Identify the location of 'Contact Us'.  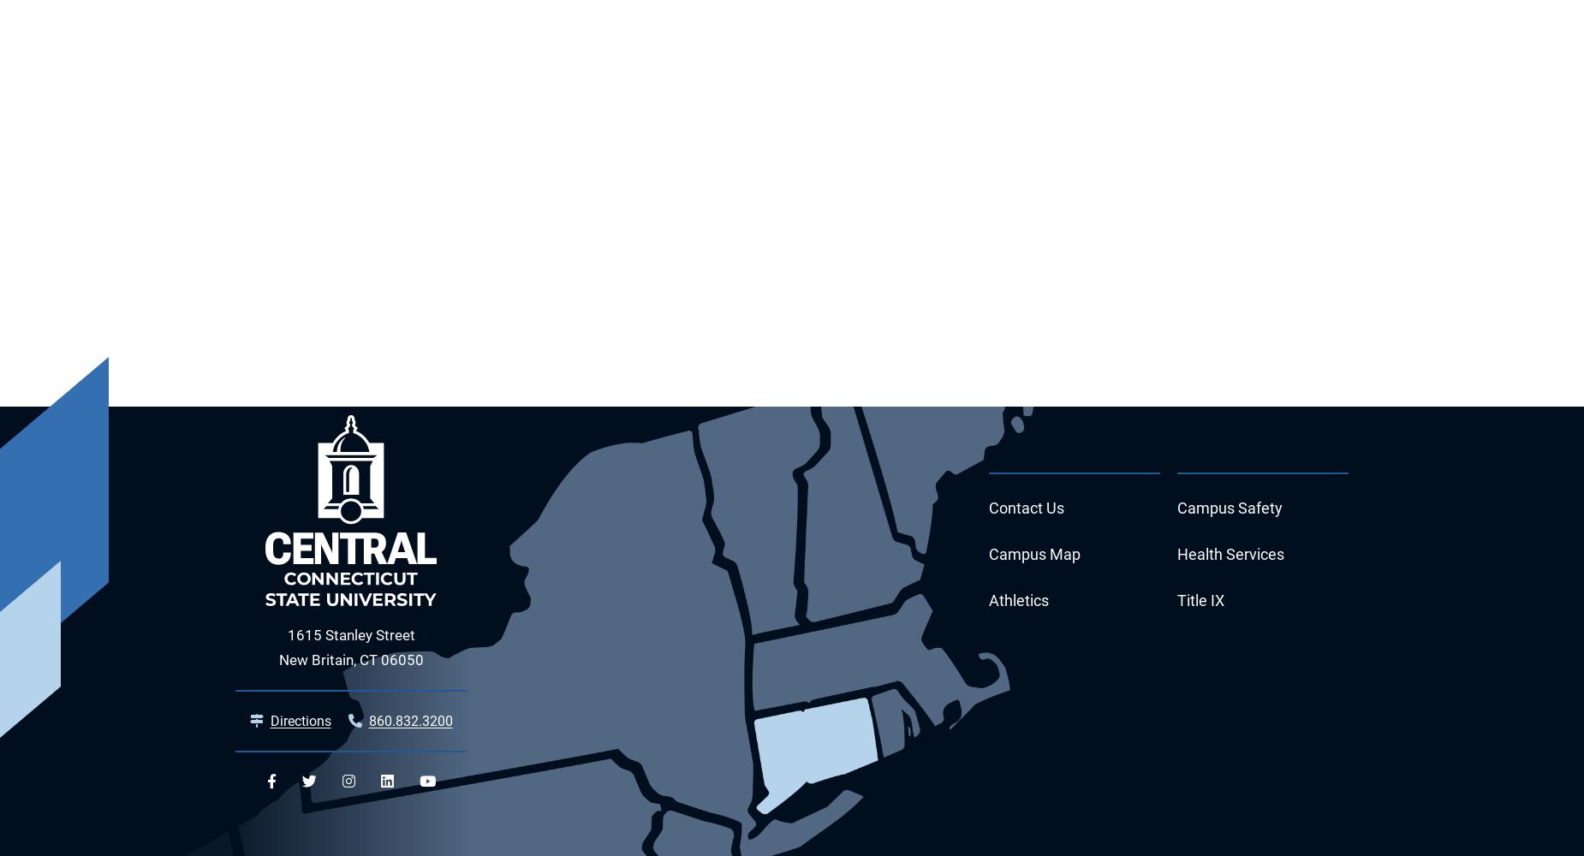
(1025, 506).